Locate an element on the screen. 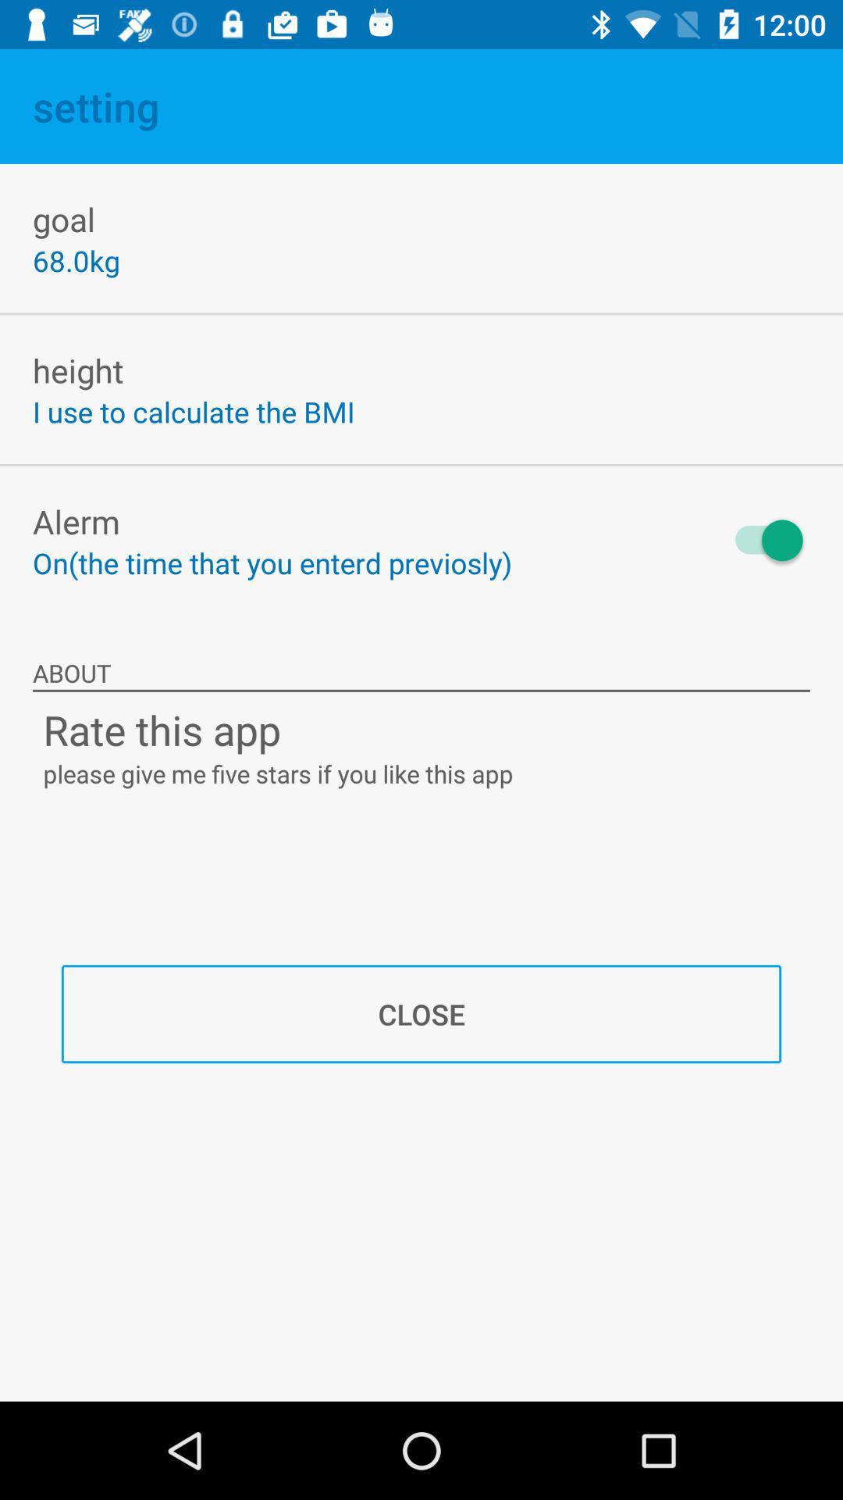  close is located at coordinates (421, 1014).